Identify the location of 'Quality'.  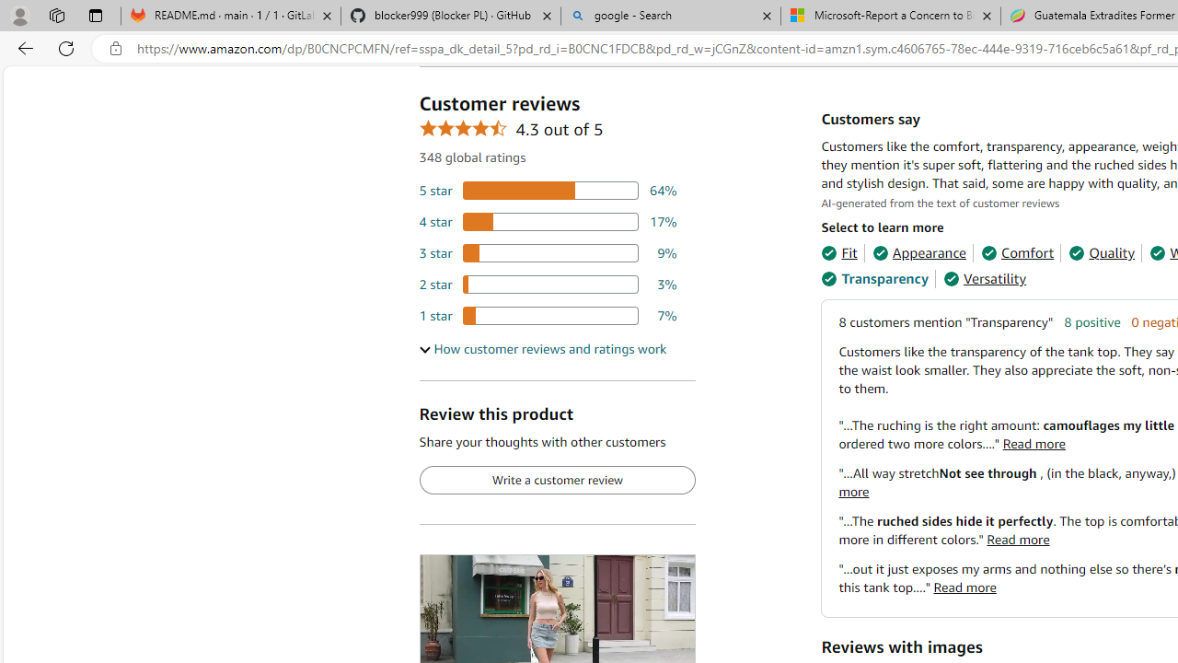
(1102, 253).